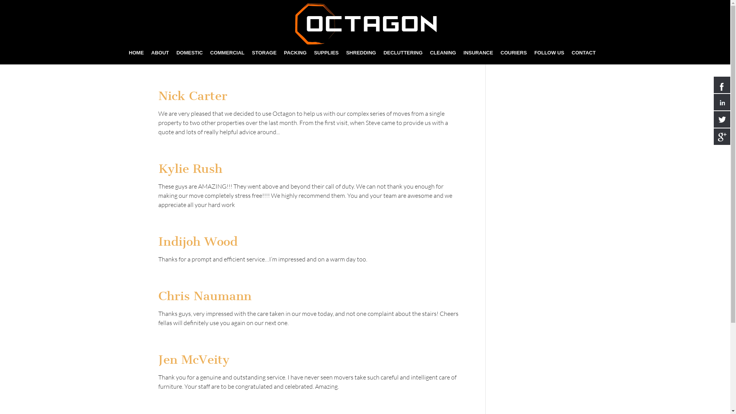 Image resolution: width=736 pixels, height=414 pixels. What do you see at coordinates (129, 57) in the screenshot?
I see `'HOME'` at bounding box center [129, 57].